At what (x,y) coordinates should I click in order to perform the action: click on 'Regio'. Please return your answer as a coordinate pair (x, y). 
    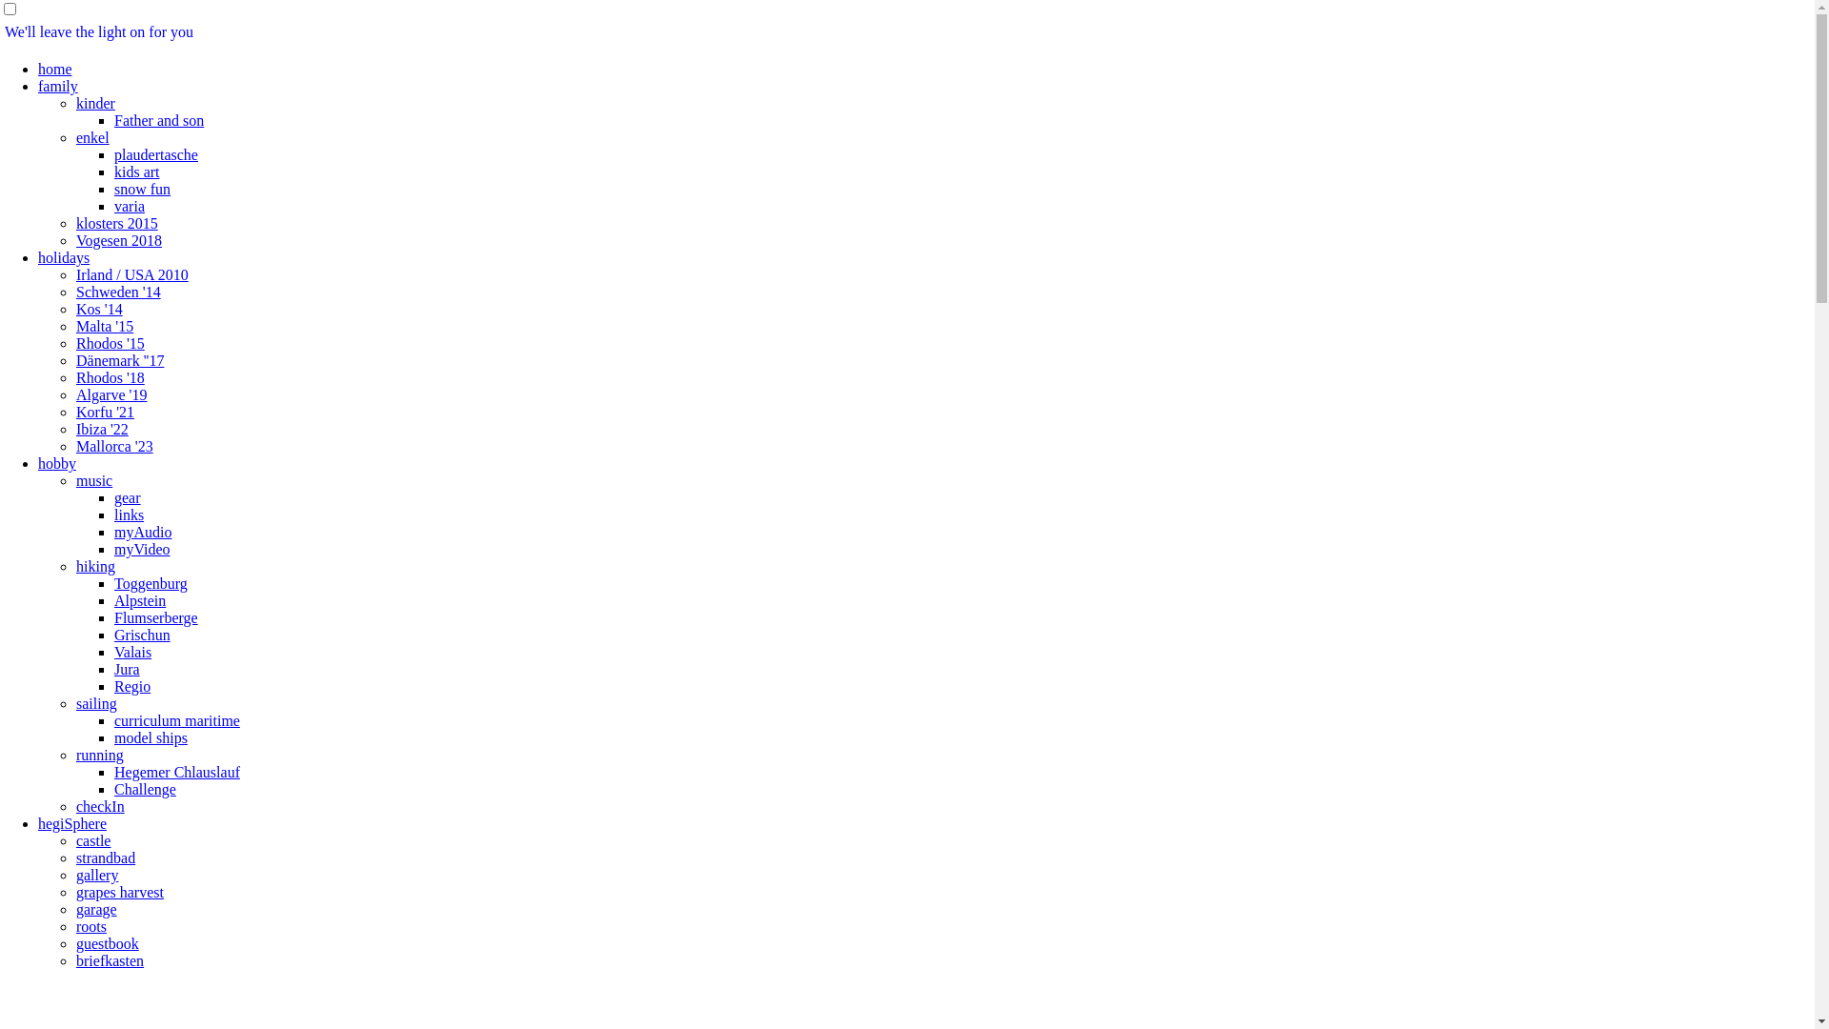
    Looking at the image, I should click on (131, 686).